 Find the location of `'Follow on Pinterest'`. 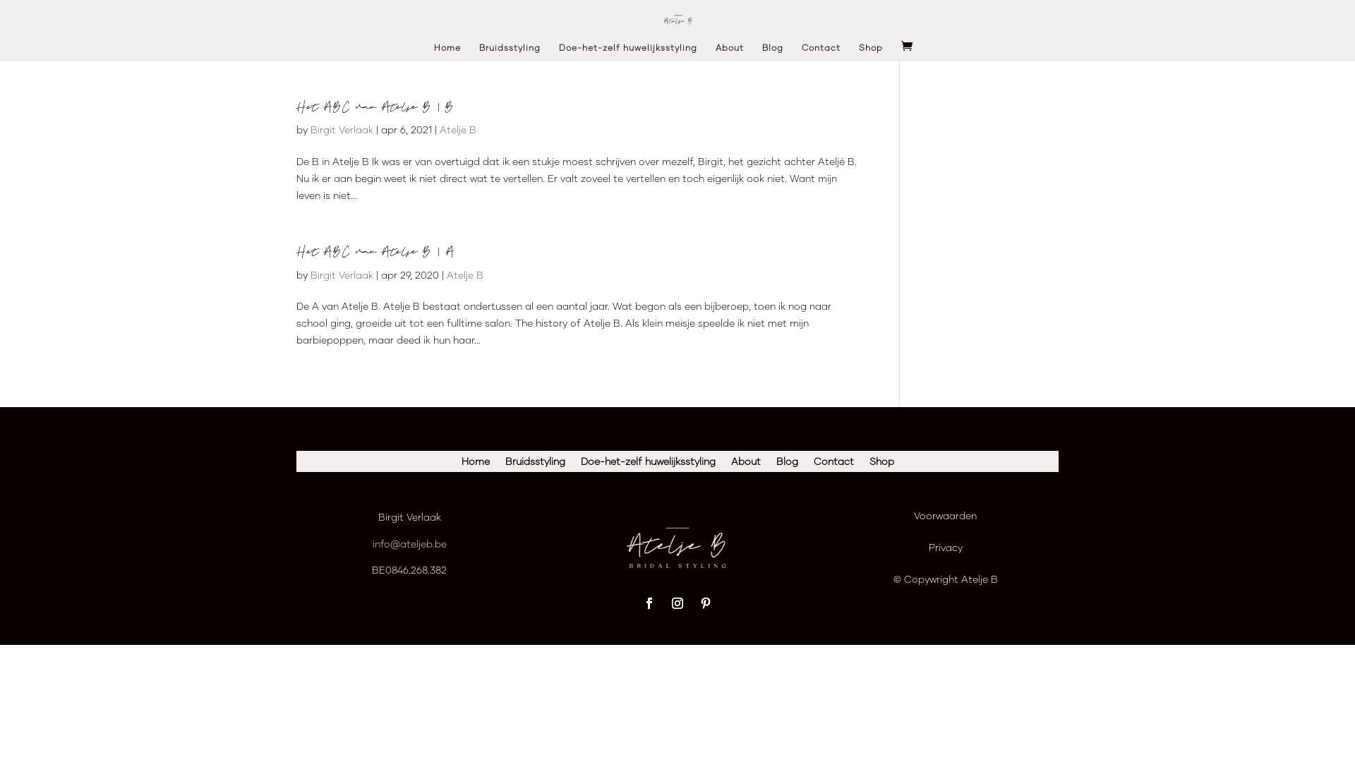

'Follow on Pinterest' is located at coordinates (705, 603).